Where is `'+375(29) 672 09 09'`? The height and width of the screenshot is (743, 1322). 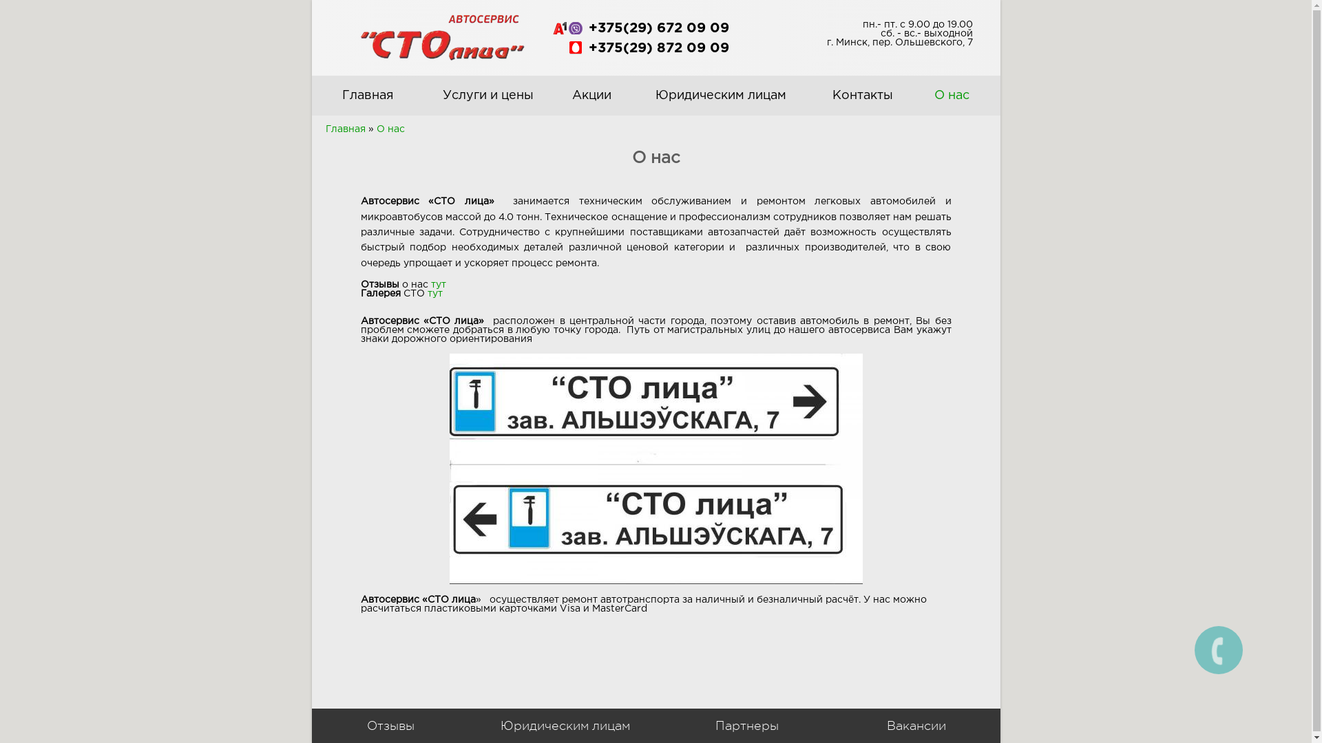
'+375(29) 672 09 09' is located at coordinates (657, 28).